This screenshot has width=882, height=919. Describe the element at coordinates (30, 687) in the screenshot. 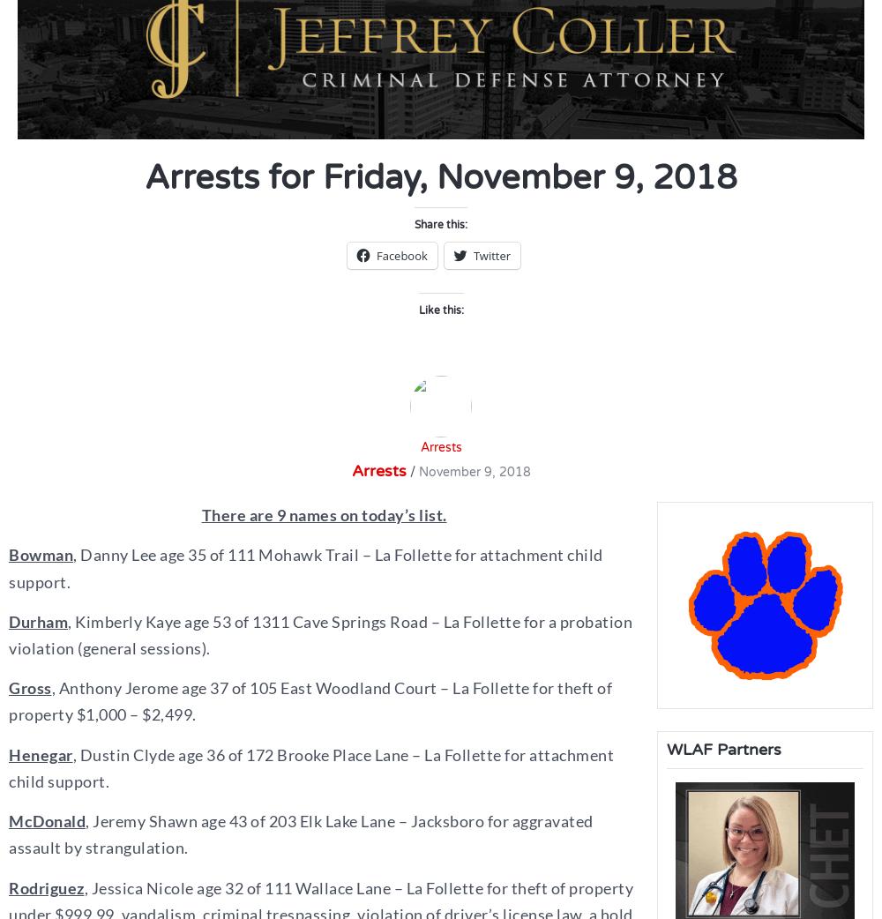

I see `'Gross'` at that location.